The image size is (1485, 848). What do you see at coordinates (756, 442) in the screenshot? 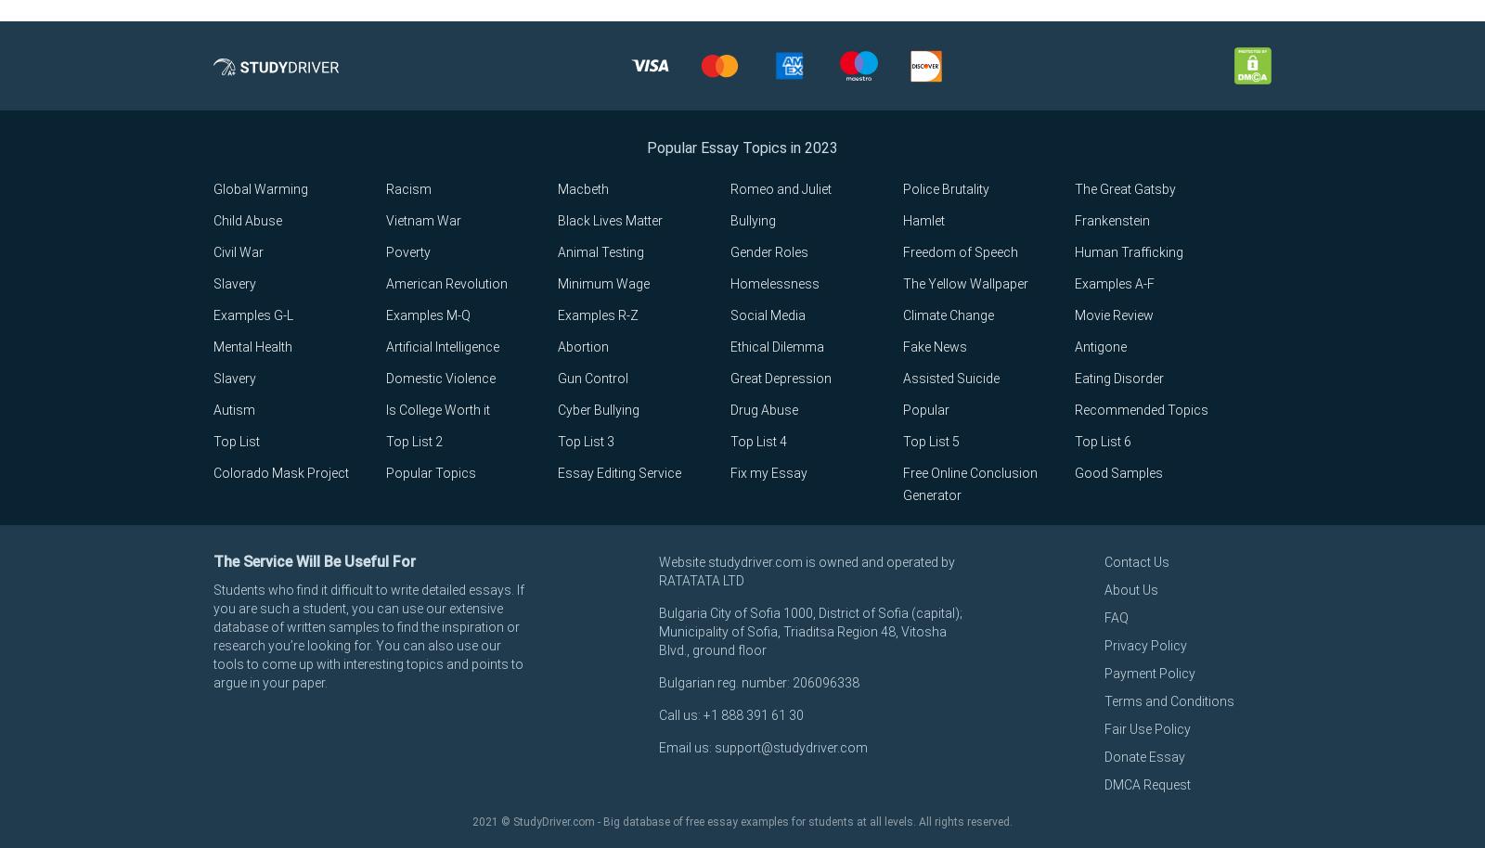
I see `'Top List 4'` at bounding box center [756, 442].